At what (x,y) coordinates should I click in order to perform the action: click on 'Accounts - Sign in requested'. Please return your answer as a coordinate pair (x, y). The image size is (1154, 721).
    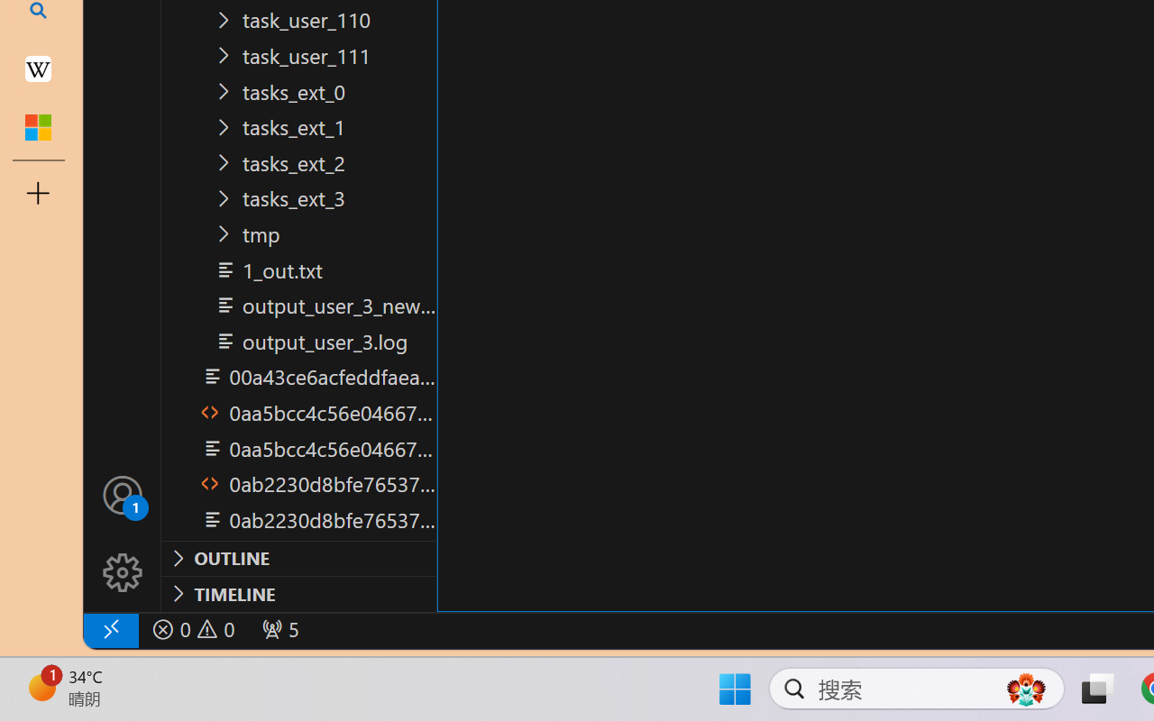
    Looking at the image, I should click on (121, 494).